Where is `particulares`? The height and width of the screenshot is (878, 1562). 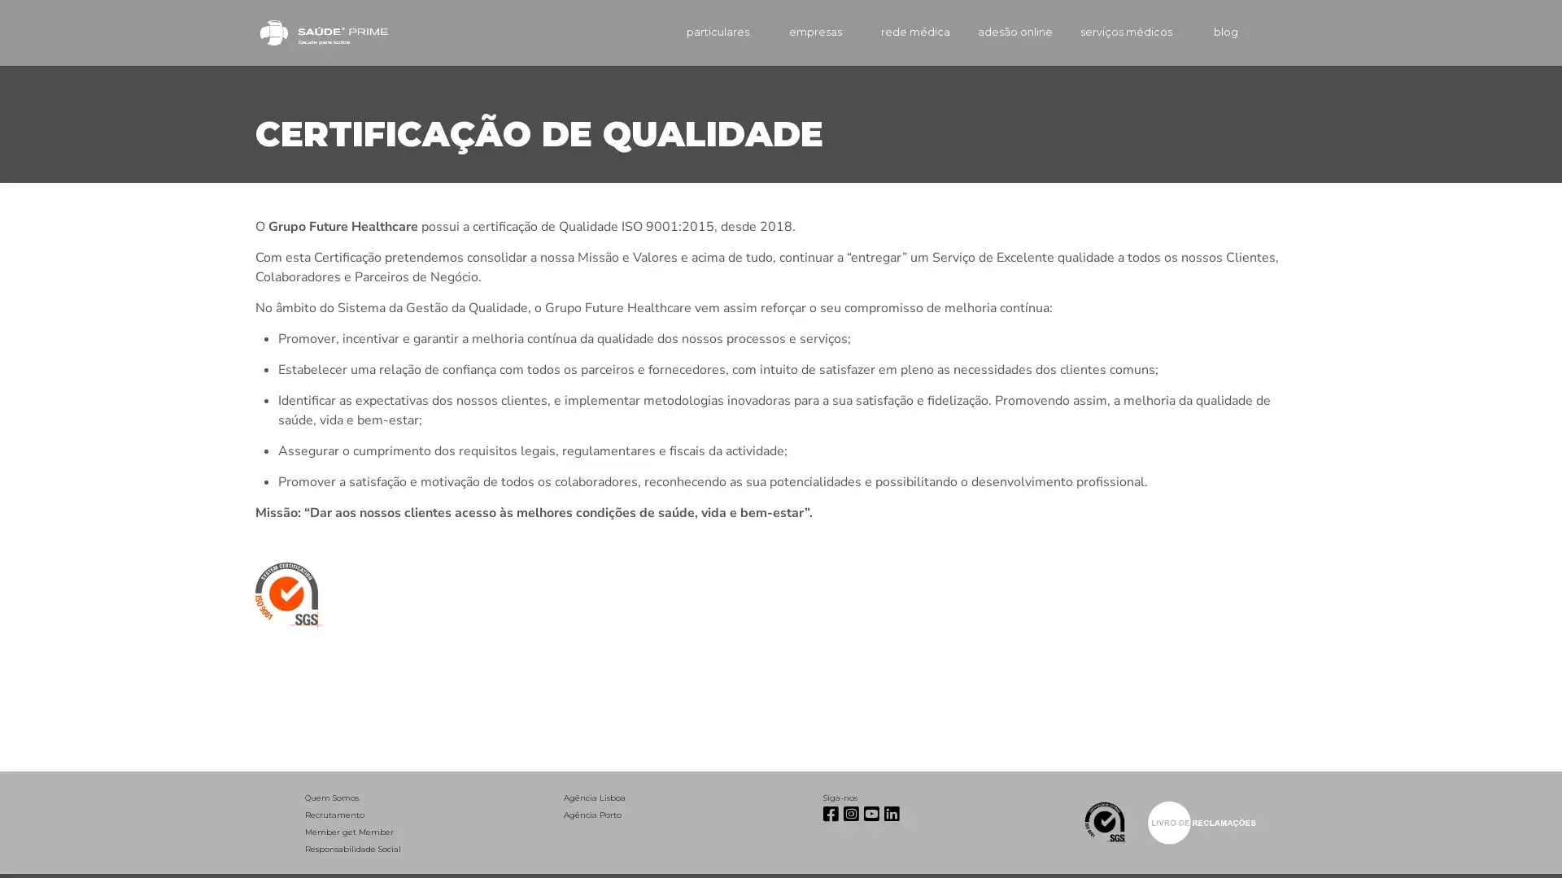 particulares is located at coordinates (691, 32).